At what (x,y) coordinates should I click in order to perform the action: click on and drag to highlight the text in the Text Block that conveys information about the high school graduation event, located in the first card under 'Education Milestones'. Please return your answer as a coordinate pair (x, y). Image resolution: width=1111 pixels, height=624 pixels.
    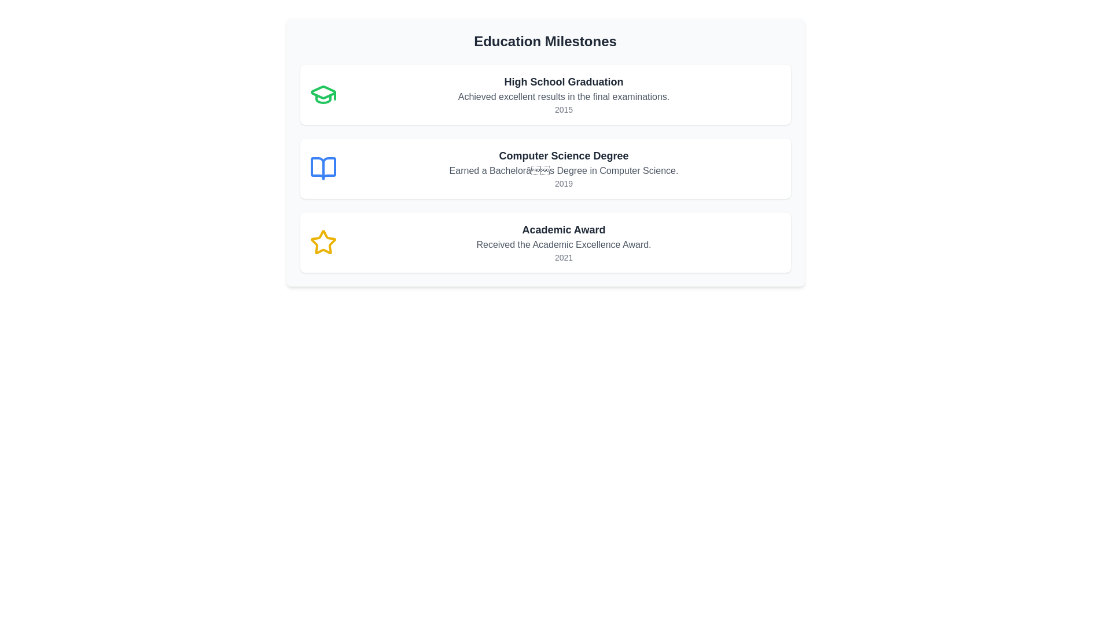
    Looking at the image, I should click on (564, 94).